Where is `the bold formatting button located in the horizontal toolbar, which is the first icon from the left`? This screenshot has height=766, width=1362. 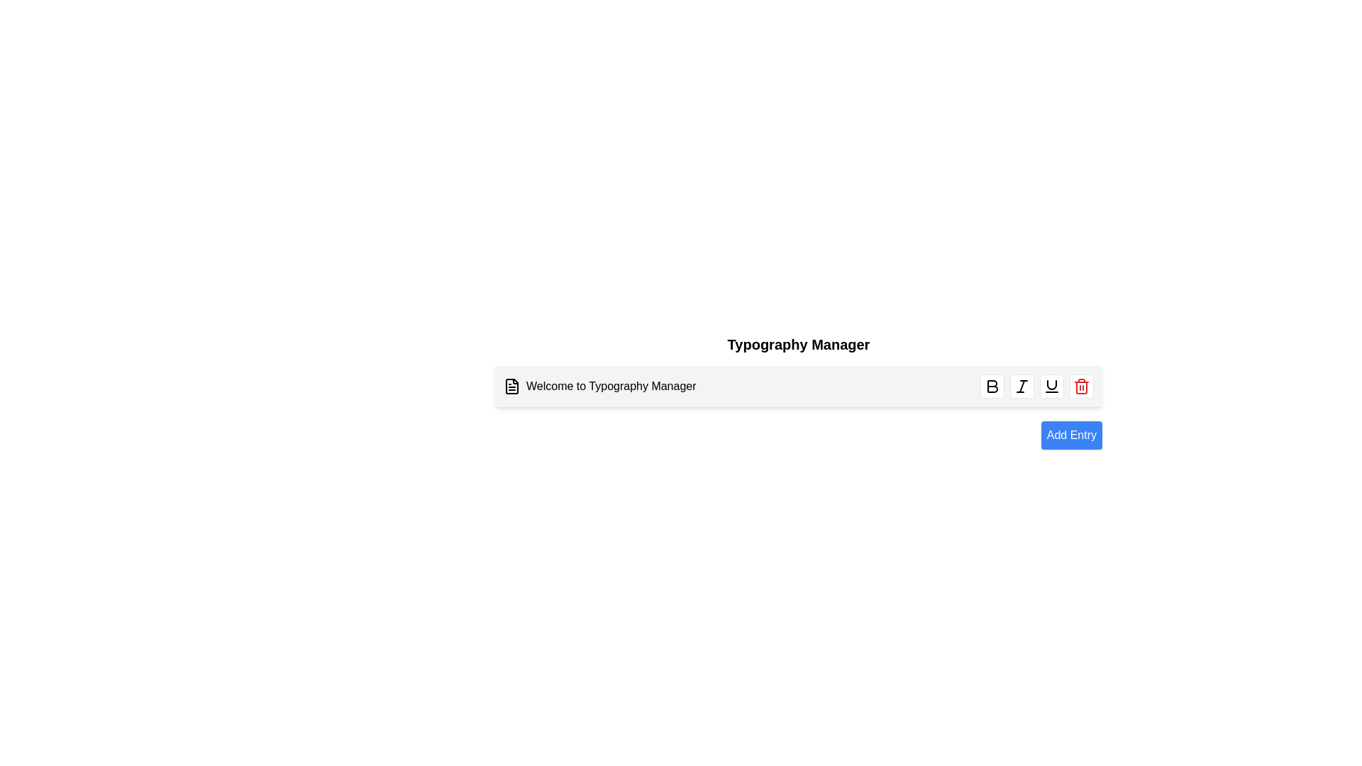 the bold formatting button located in the horizontal toolbar, which is the first icon from the left is located at coordinates (991, 386).